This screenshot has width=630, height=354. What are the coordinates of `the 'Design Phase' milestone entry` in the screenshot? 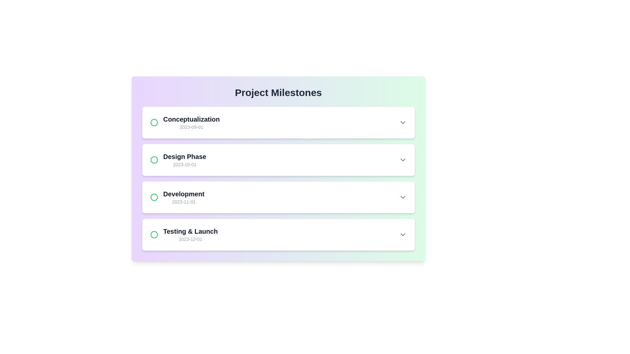 It's located at (278, 160).